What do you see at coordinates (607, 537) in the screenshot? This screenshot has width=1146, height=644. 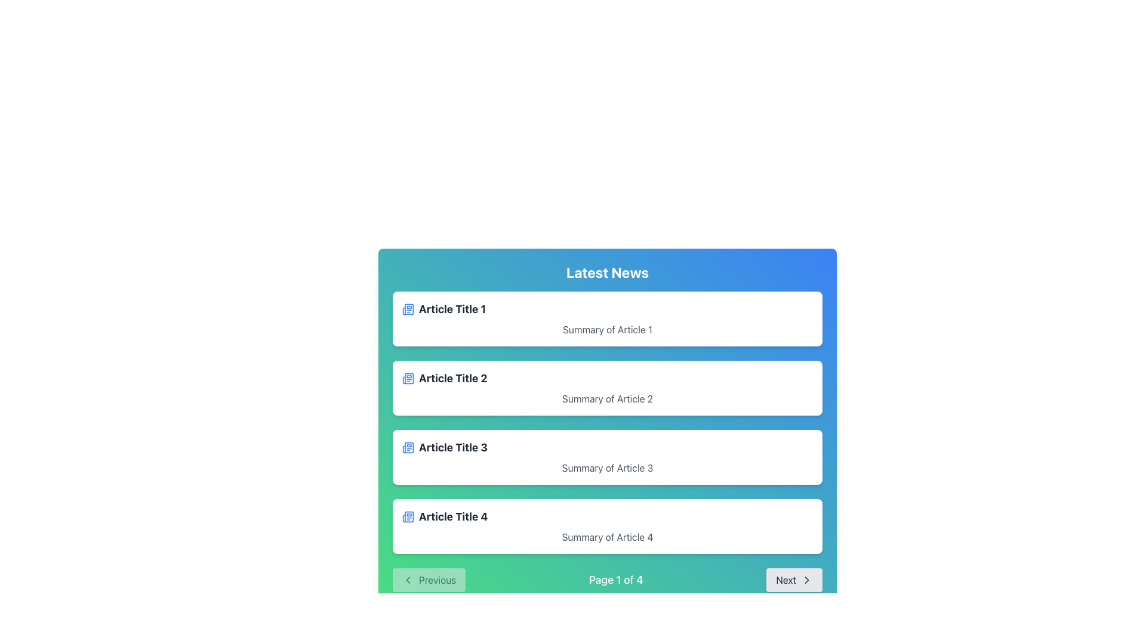 I see `the text element that presents additional information about 'Article Title 4', which is located in the fourth item of the articles list` at bounding box center [607, 537].